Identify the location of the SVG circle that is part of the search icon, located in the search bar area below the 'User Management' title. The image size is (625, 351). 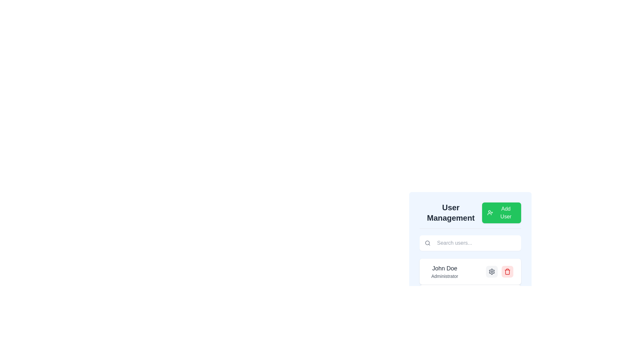
(427, 243).